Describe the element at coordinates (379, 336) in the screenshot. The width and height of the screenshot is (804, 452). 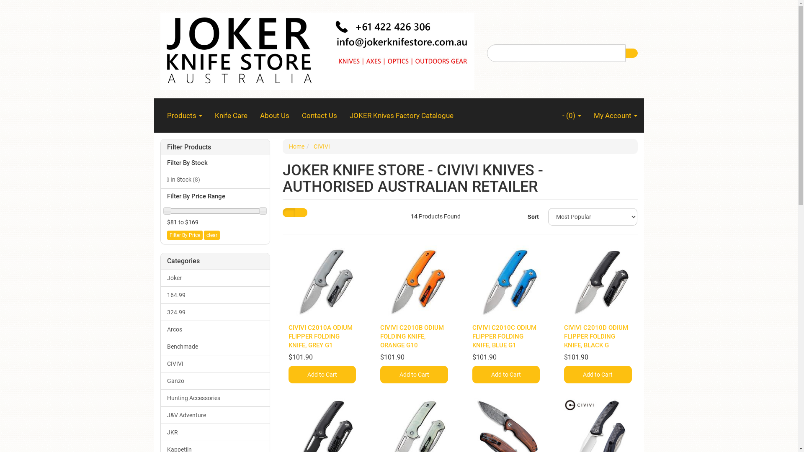
I see `'CIVIVI C2010B ODIUM FOLDING KNIFE, ORANGE G10'` at that location.